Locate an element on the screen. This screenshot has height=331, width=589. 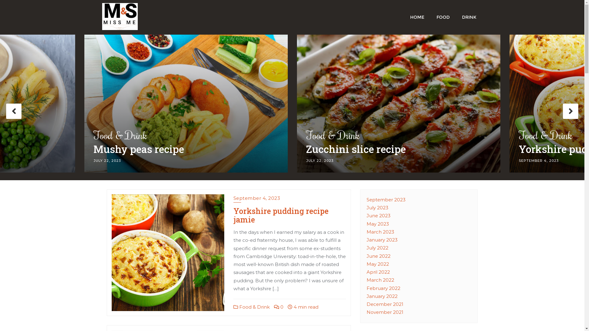
'March 2023' is located at coordinates (380, 232).